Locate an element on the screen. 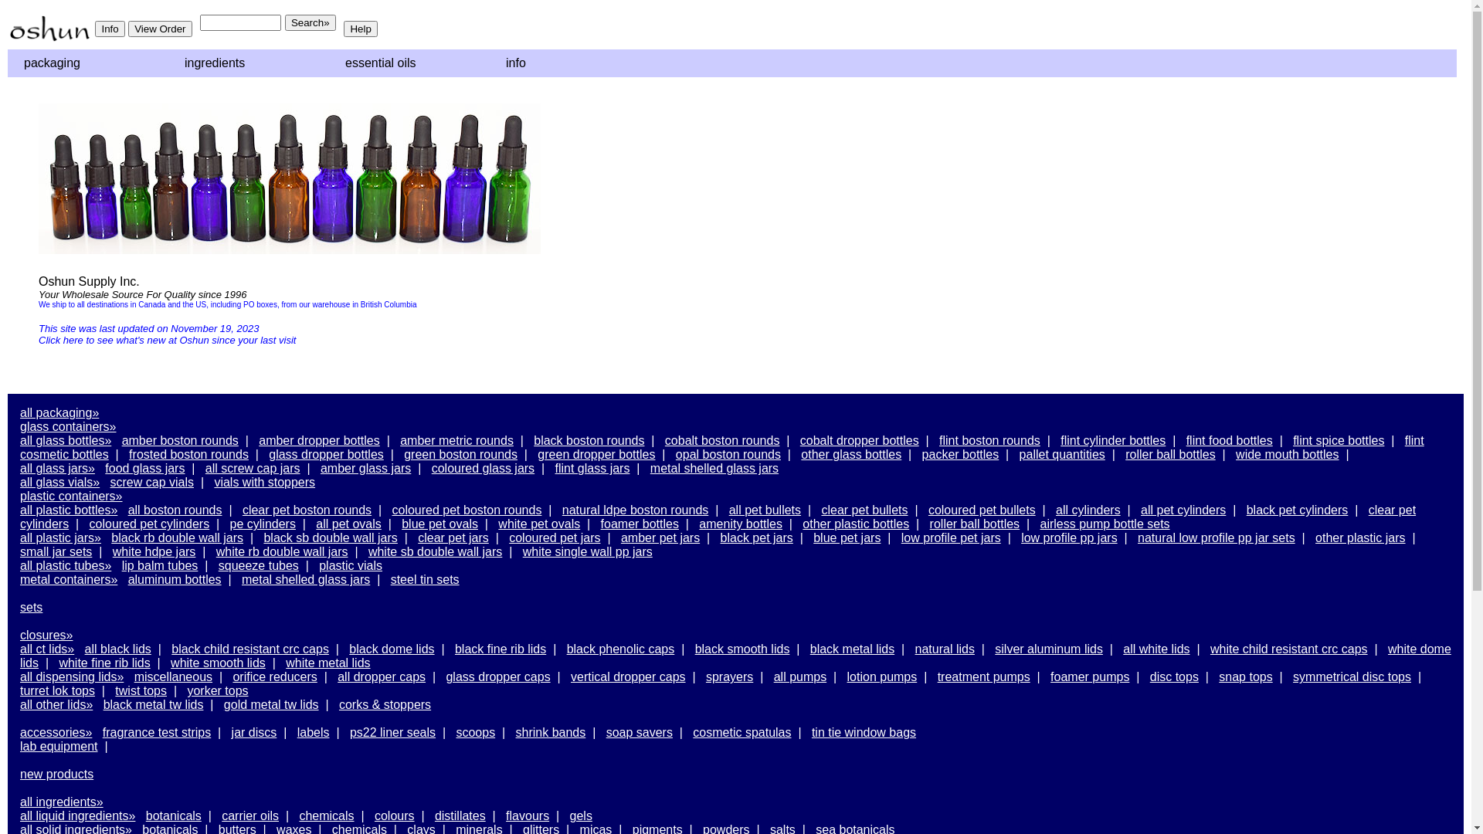 This screenshot has width=1483, height=834. 'all cylinders' is located at coordinates (1088, 510).